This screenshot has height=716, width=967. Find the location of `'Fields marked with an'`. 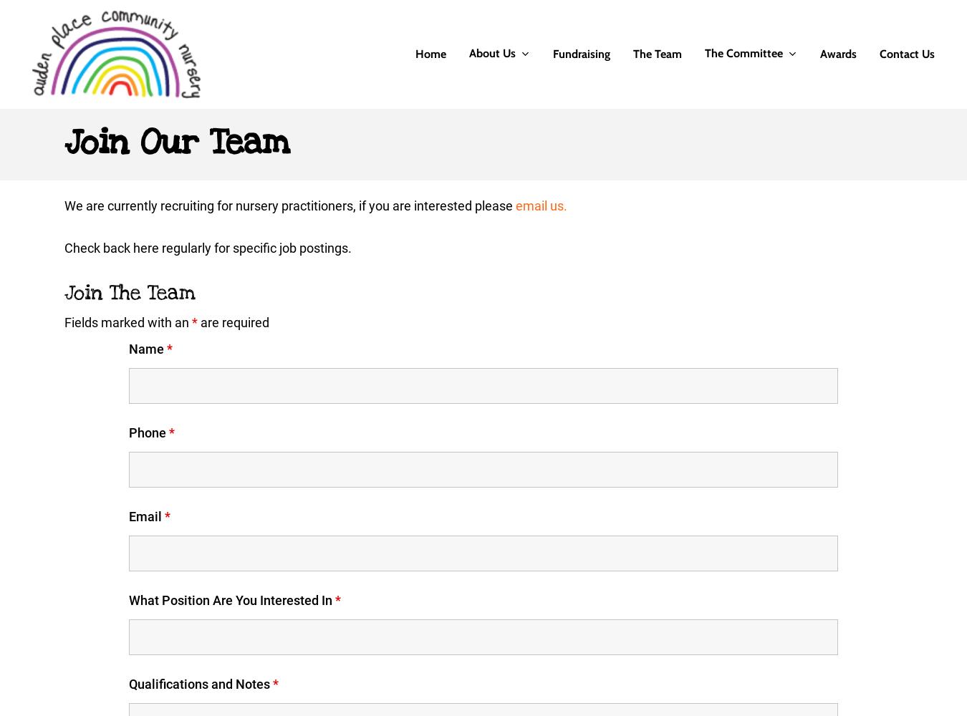

'Fields marked with an' is located at coordinates (64, 321).